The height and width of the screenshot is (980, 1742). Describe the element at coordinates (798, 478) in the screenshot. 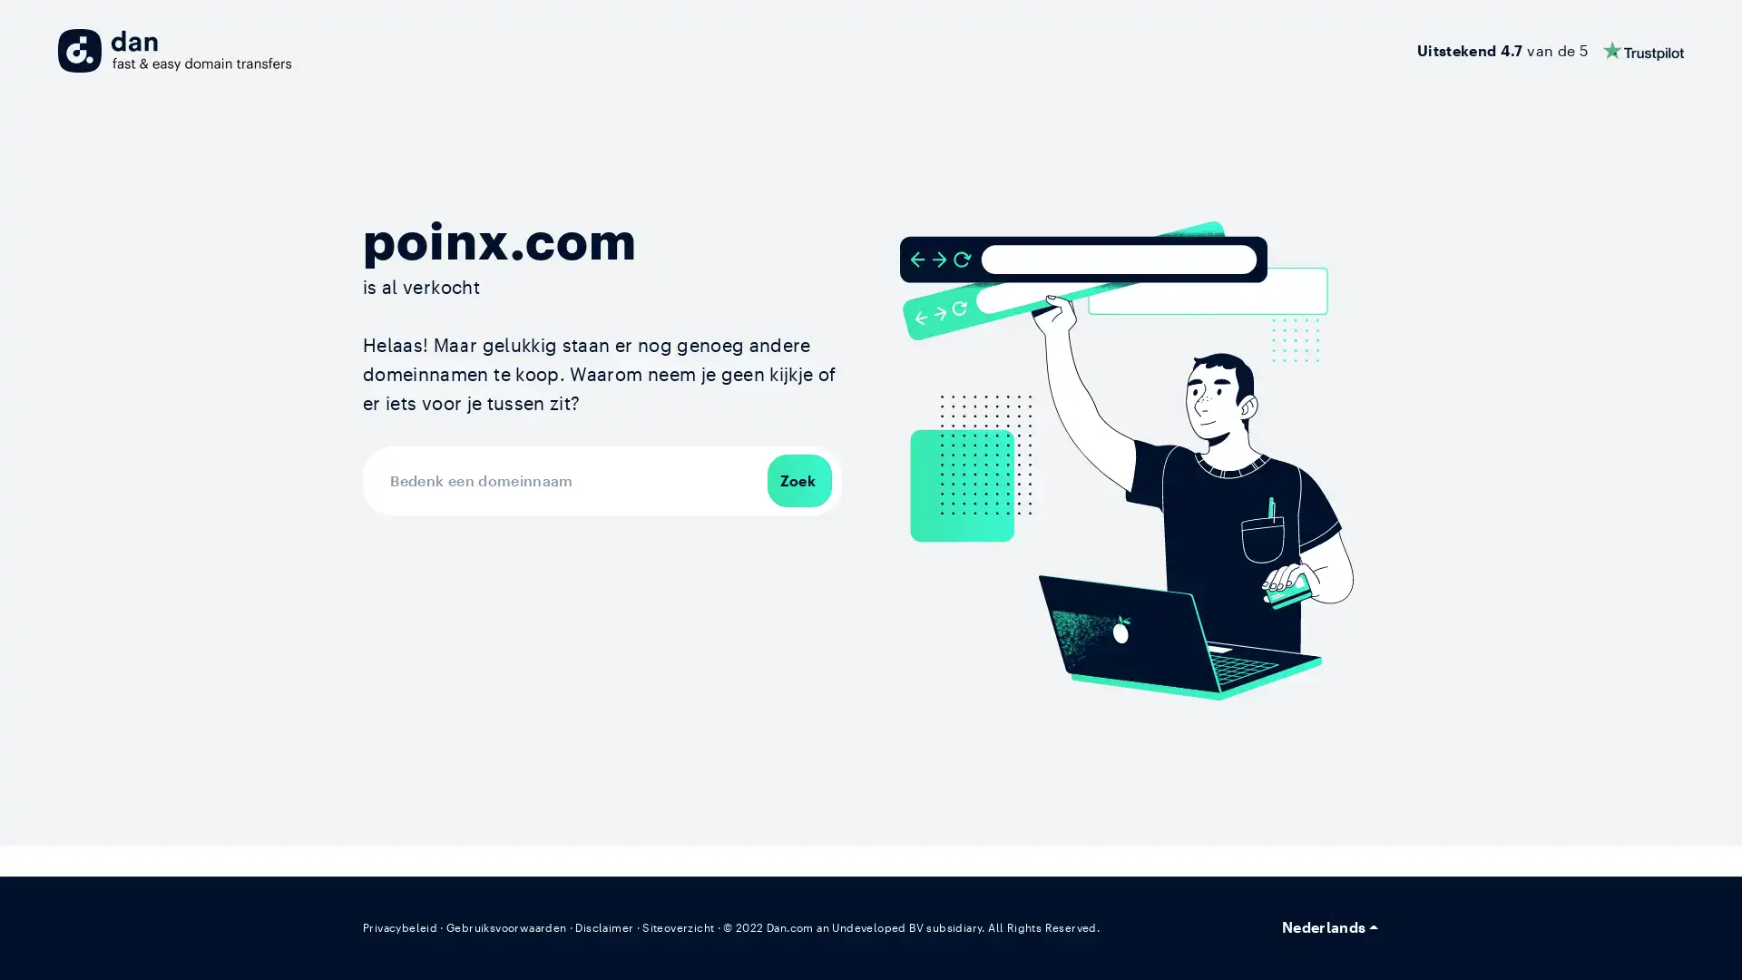

I see `Zoek` at that location.